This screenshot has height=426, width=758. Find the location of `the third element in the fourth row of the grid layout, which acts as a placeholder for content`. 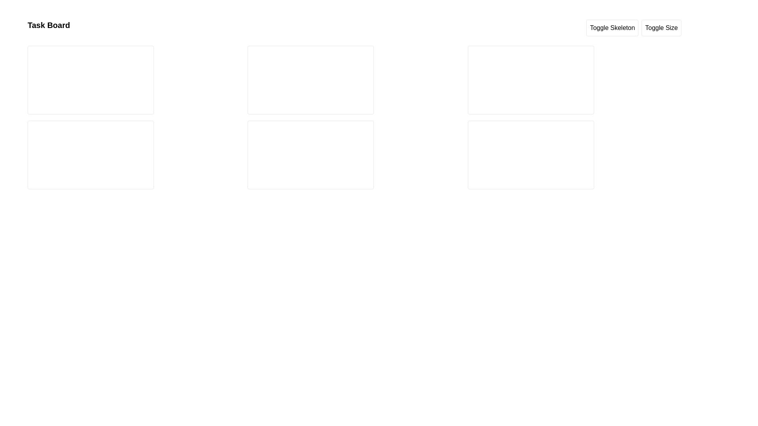

the third element in the fourth row of the grid layout, which acts as a placeholder for content is located at coordinates (531, 155).